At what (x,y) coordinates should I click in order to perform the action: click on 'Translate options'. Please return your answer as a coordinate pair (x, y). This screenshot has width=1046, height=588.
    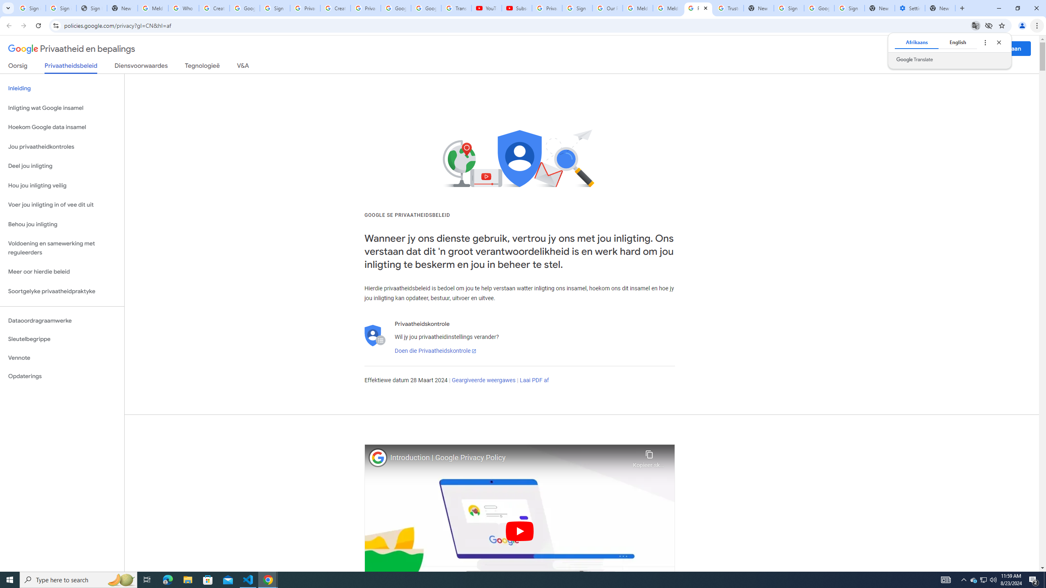
    Looking at the image, I should click on (984, 42).